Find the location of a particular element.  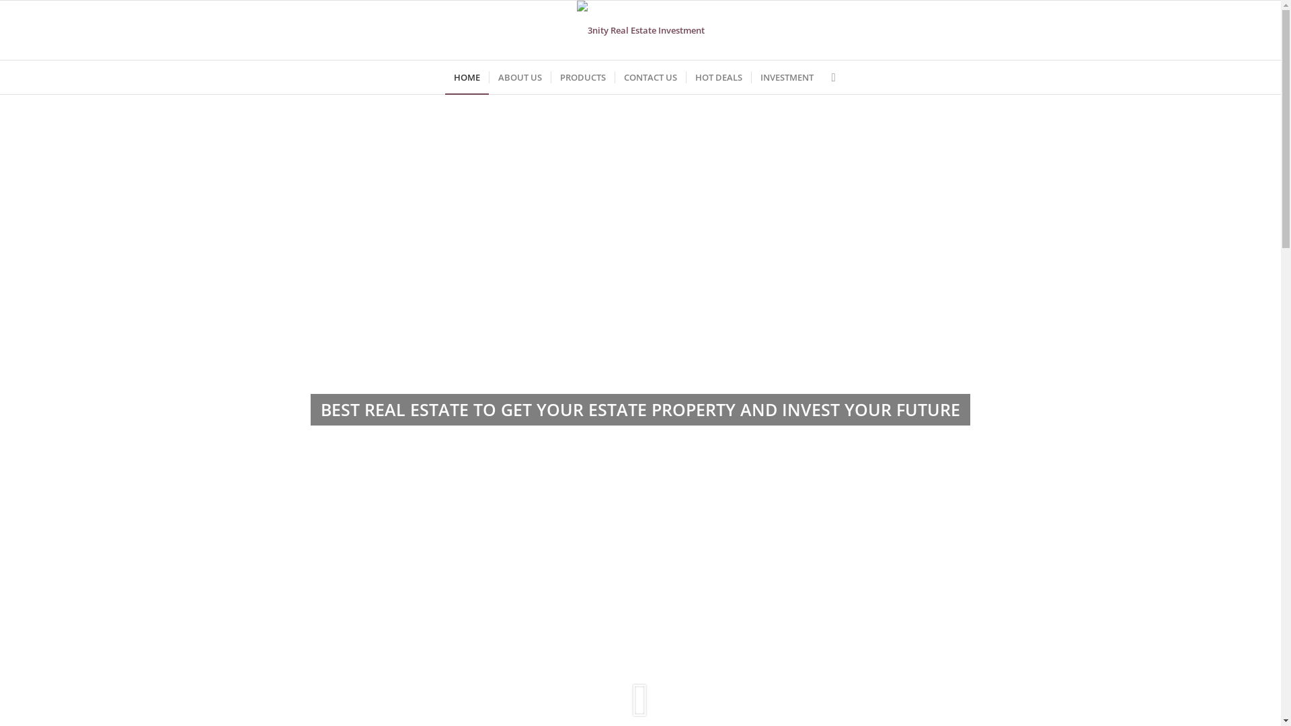

'CONTACT US' is located at coordinates (650, 77).